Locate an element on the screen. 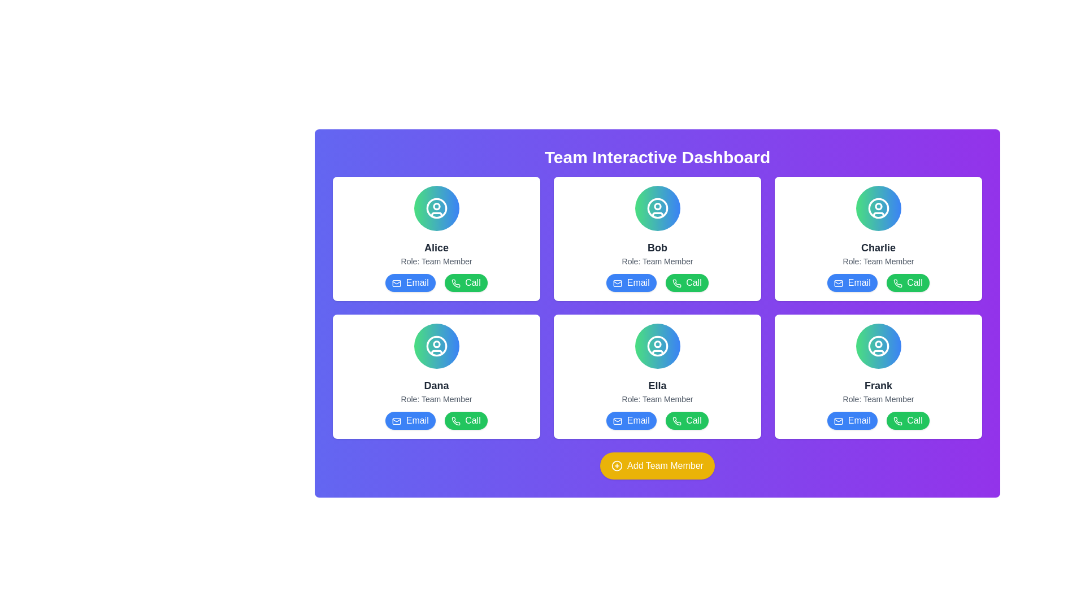 The width and height of the screenshot is (1085, 610). the green circular button labeled 'Call' representing a phone icon, located in the contact card for 'Ella' in the bottom-left corner of the grid is located at coordinates (676, 421).